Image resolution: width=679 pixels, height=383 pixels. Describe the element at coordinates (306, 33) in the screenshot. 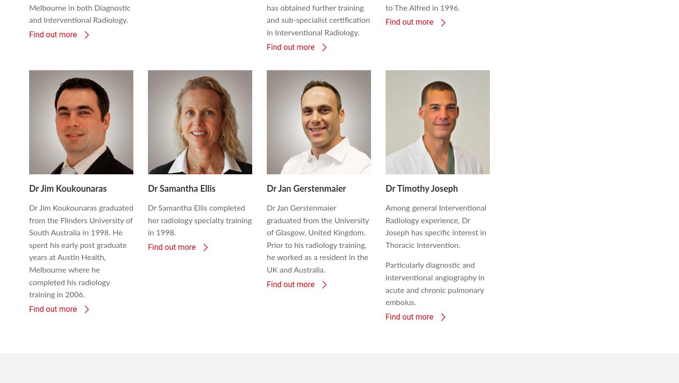

I see `'Dr Jan Gerstenmaier'` at that location.